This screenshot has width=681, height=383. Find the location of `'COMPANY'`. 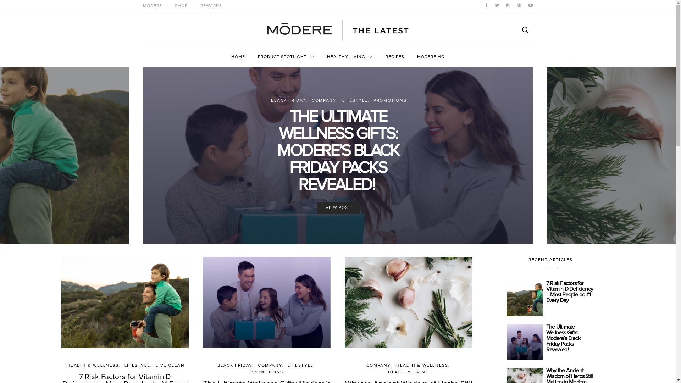

'COMPANY' is located at coordinates (323, 101).